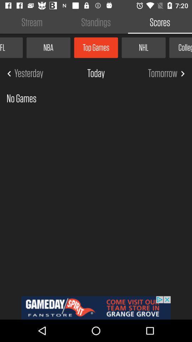 This screenshot has height=342, width=192. Describe the element at coordinates (96, 307) in the screenshot. I see `advertisement` at that location.